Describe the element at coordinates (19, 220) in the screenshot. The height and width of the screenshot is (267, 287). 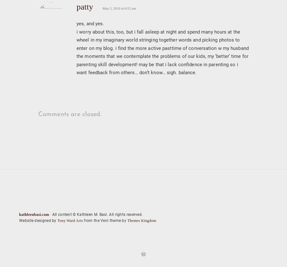
I see `'Website designed by'` at that location.